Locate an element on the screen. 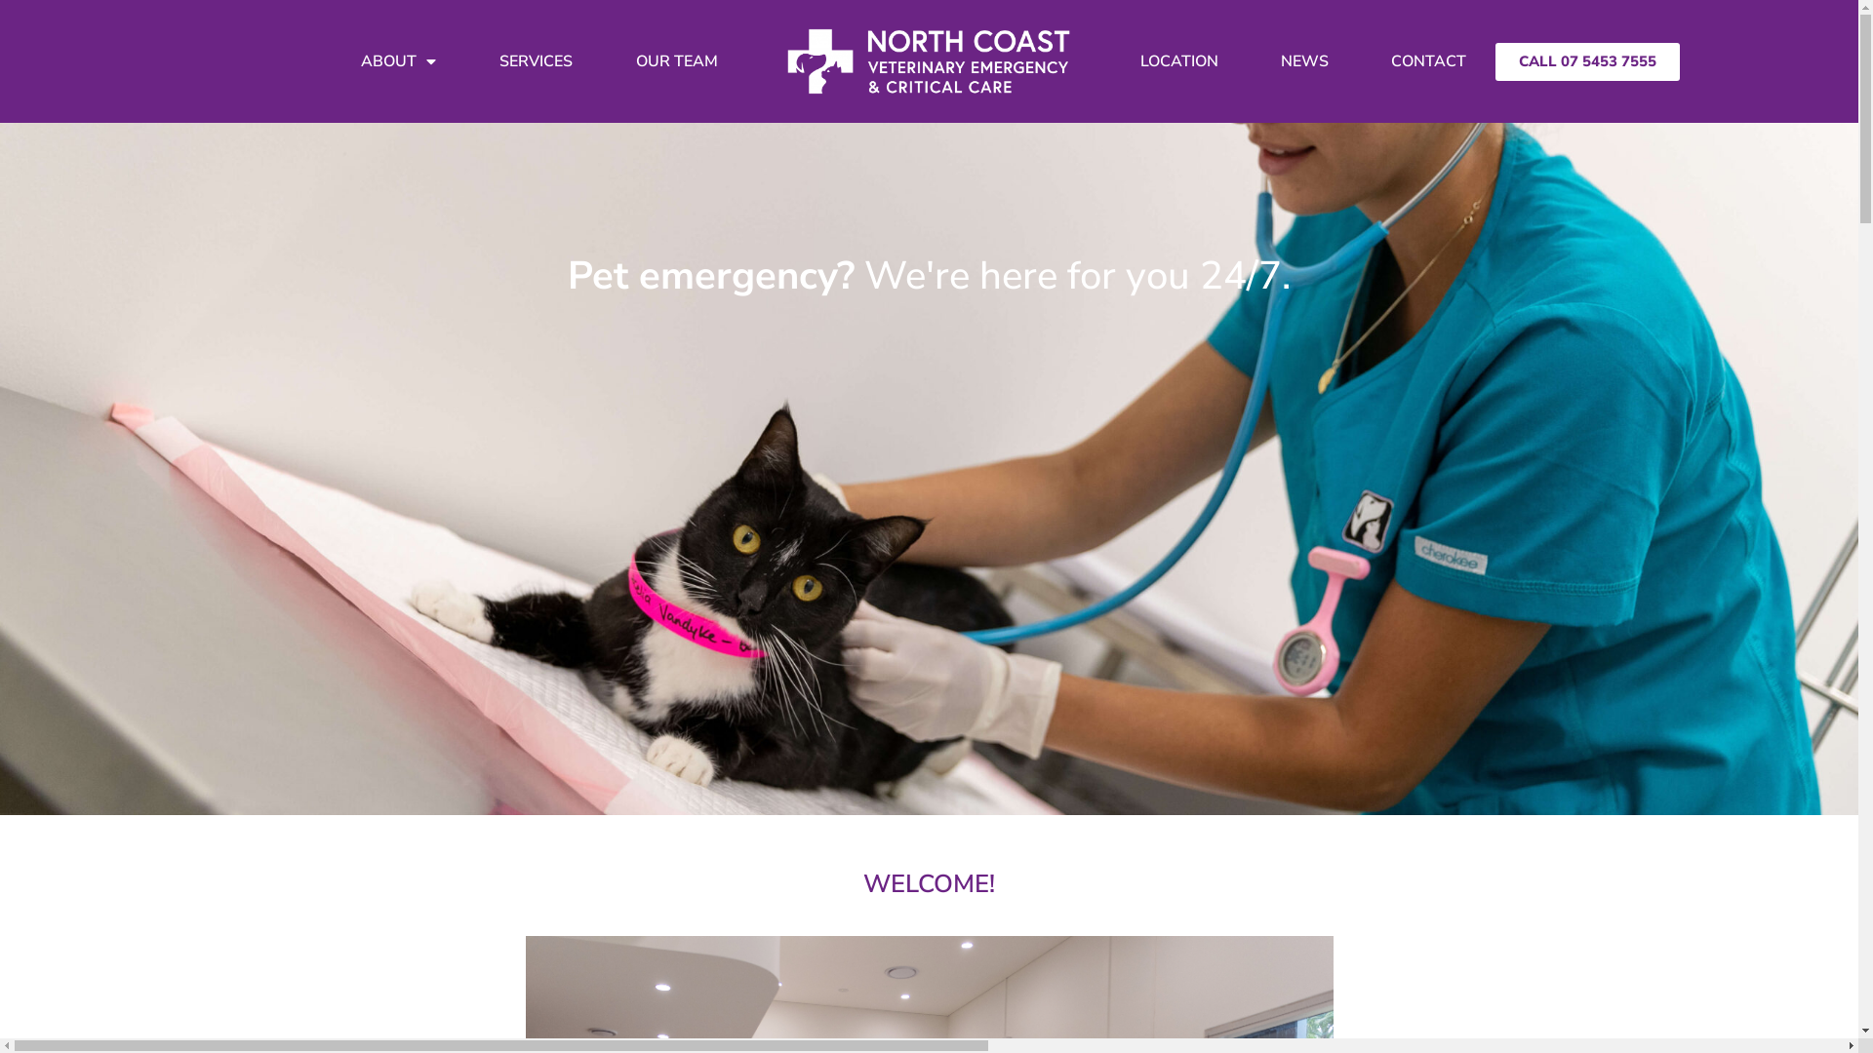 The image size is (1873, 1053). 'ABOUT' is located at coordinates (397, 59).